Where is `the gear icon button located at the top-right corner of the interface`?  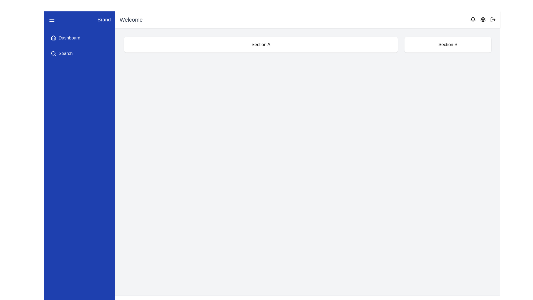 the gear icon button located at the top-right corner of the interface is located at coordinates (482, 19).